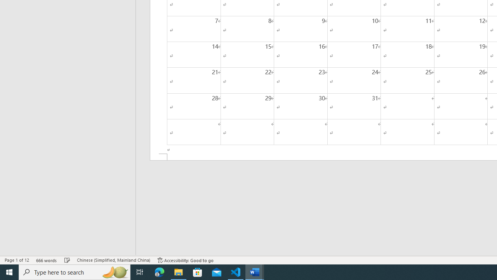 The image size is (497, 280). What do you see at coordinates (114, 271) in the screenshot?
I see `'Search highlights icon opens search home window'` at bounding box center [114, 271].